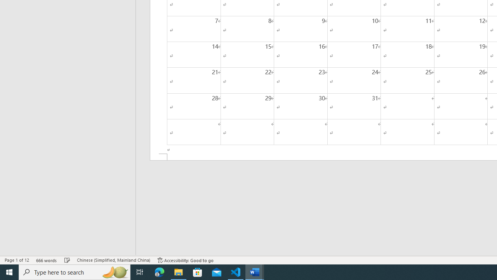 The image size is (497, 280). What do you see at coordinates (114, 271) in the screenshot?
I see `'Search highlights icon opens search home window'` at bounding box center [114, 271].